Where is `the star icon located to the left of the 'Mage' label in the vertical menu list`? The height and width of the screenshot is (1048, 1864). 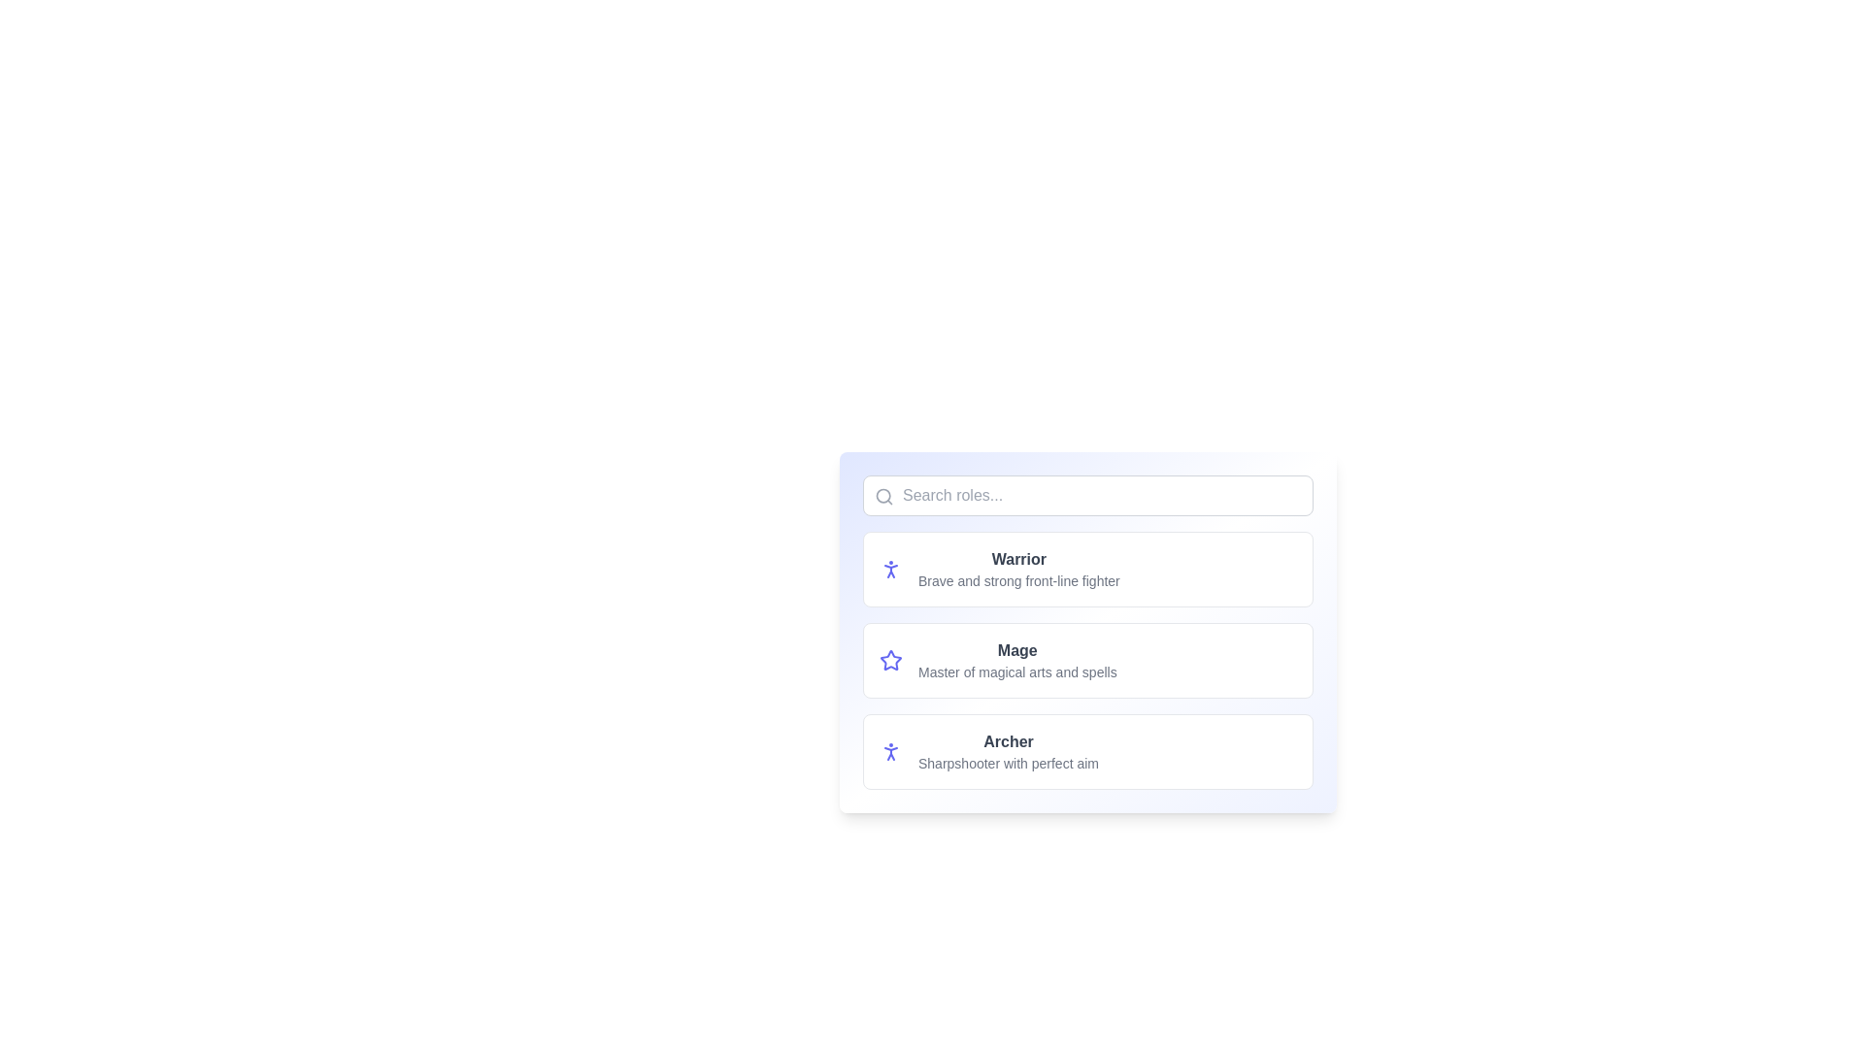
the star icon located to the left of the 'Mage' label in the vertical menu list is located at coordinates (889, 659).